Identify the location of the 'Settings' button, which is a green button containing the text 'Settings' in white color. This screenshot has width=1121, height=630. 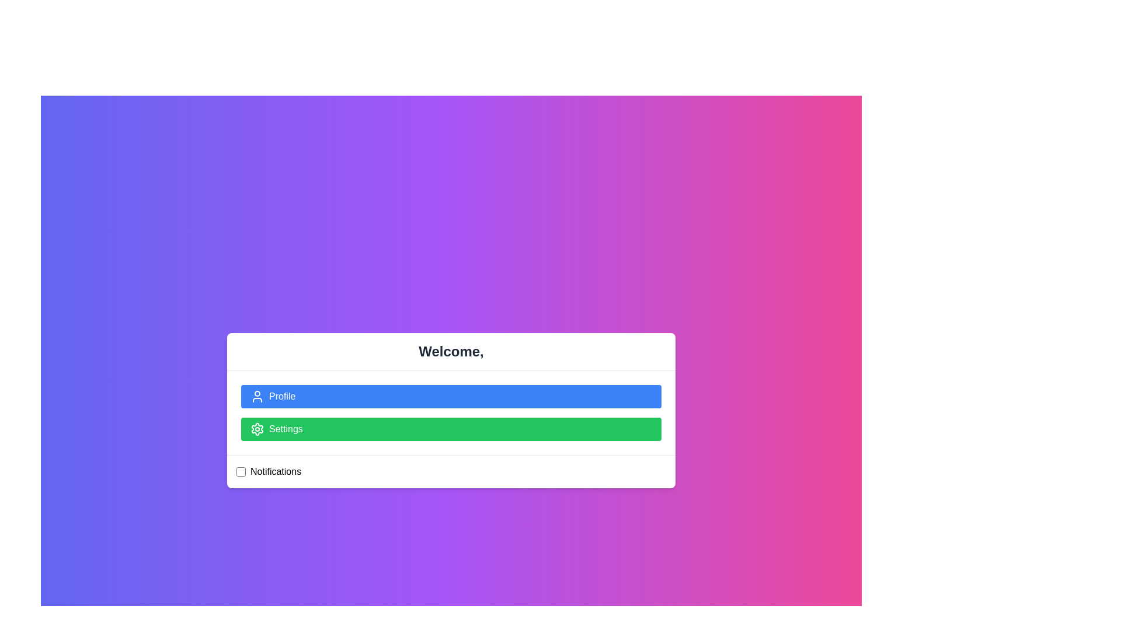
(286, 429).